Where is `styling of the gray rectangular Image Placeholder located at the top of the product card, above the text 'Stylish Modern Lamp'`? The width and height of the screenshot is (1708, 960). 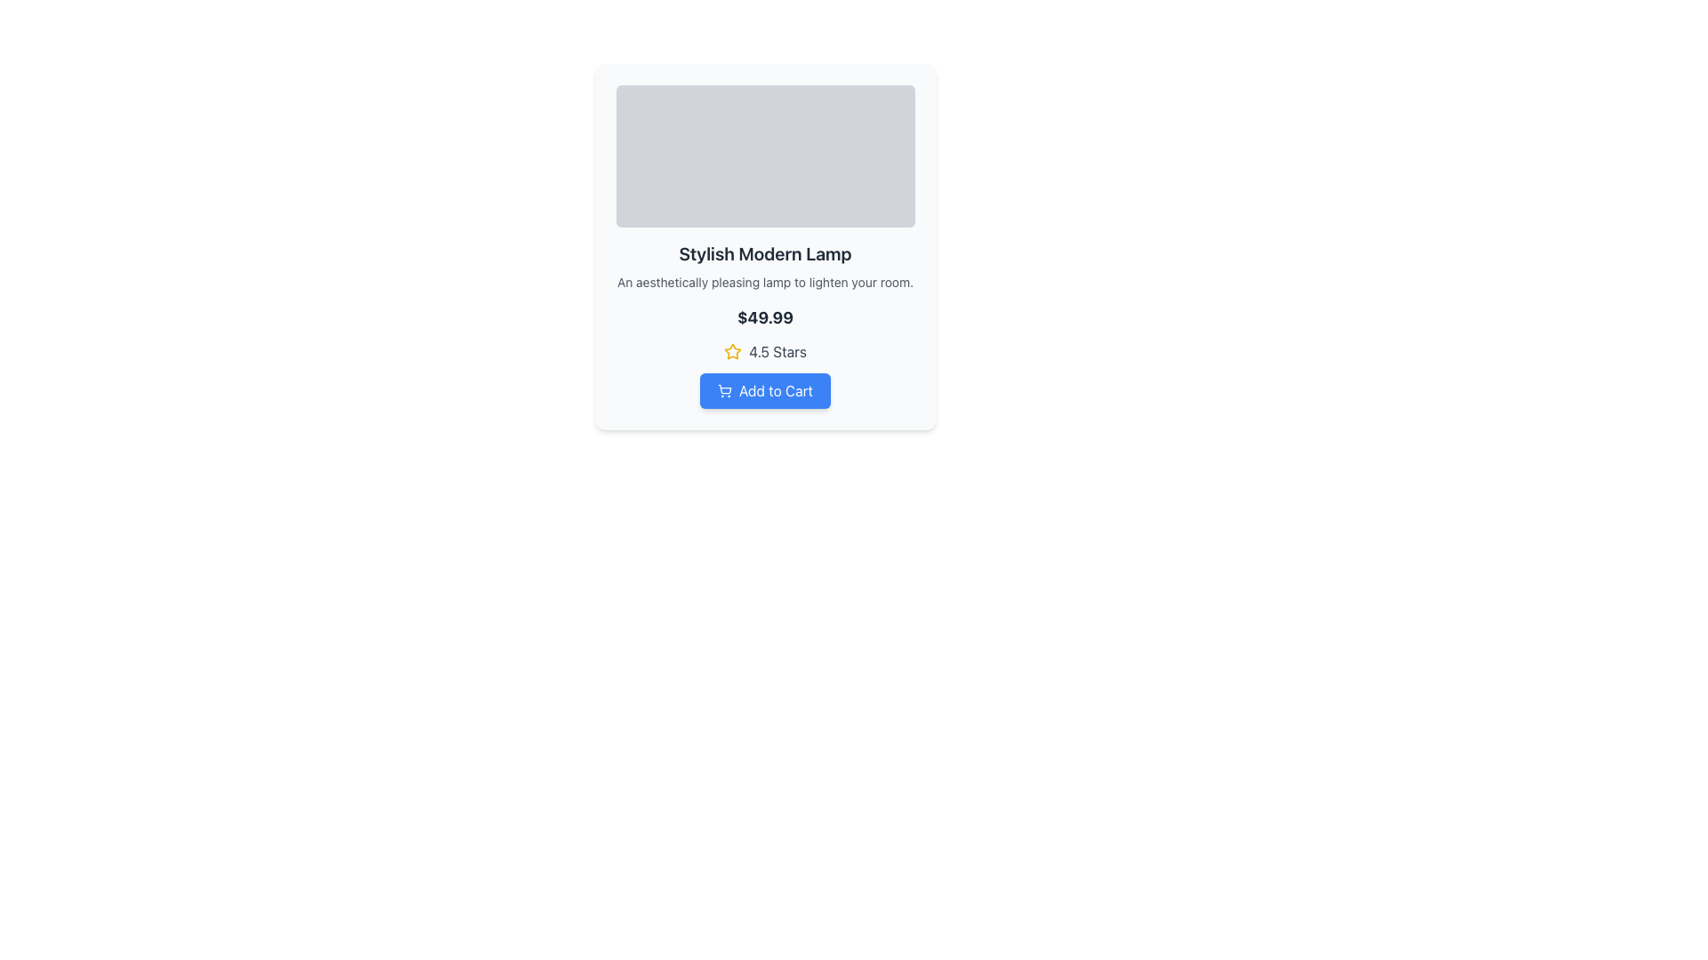 styling of the gray rectangular Image Placeholder located at the top of the product card, above the text 'Stylish Modern Lamp' is located at coordinates (765, 156).